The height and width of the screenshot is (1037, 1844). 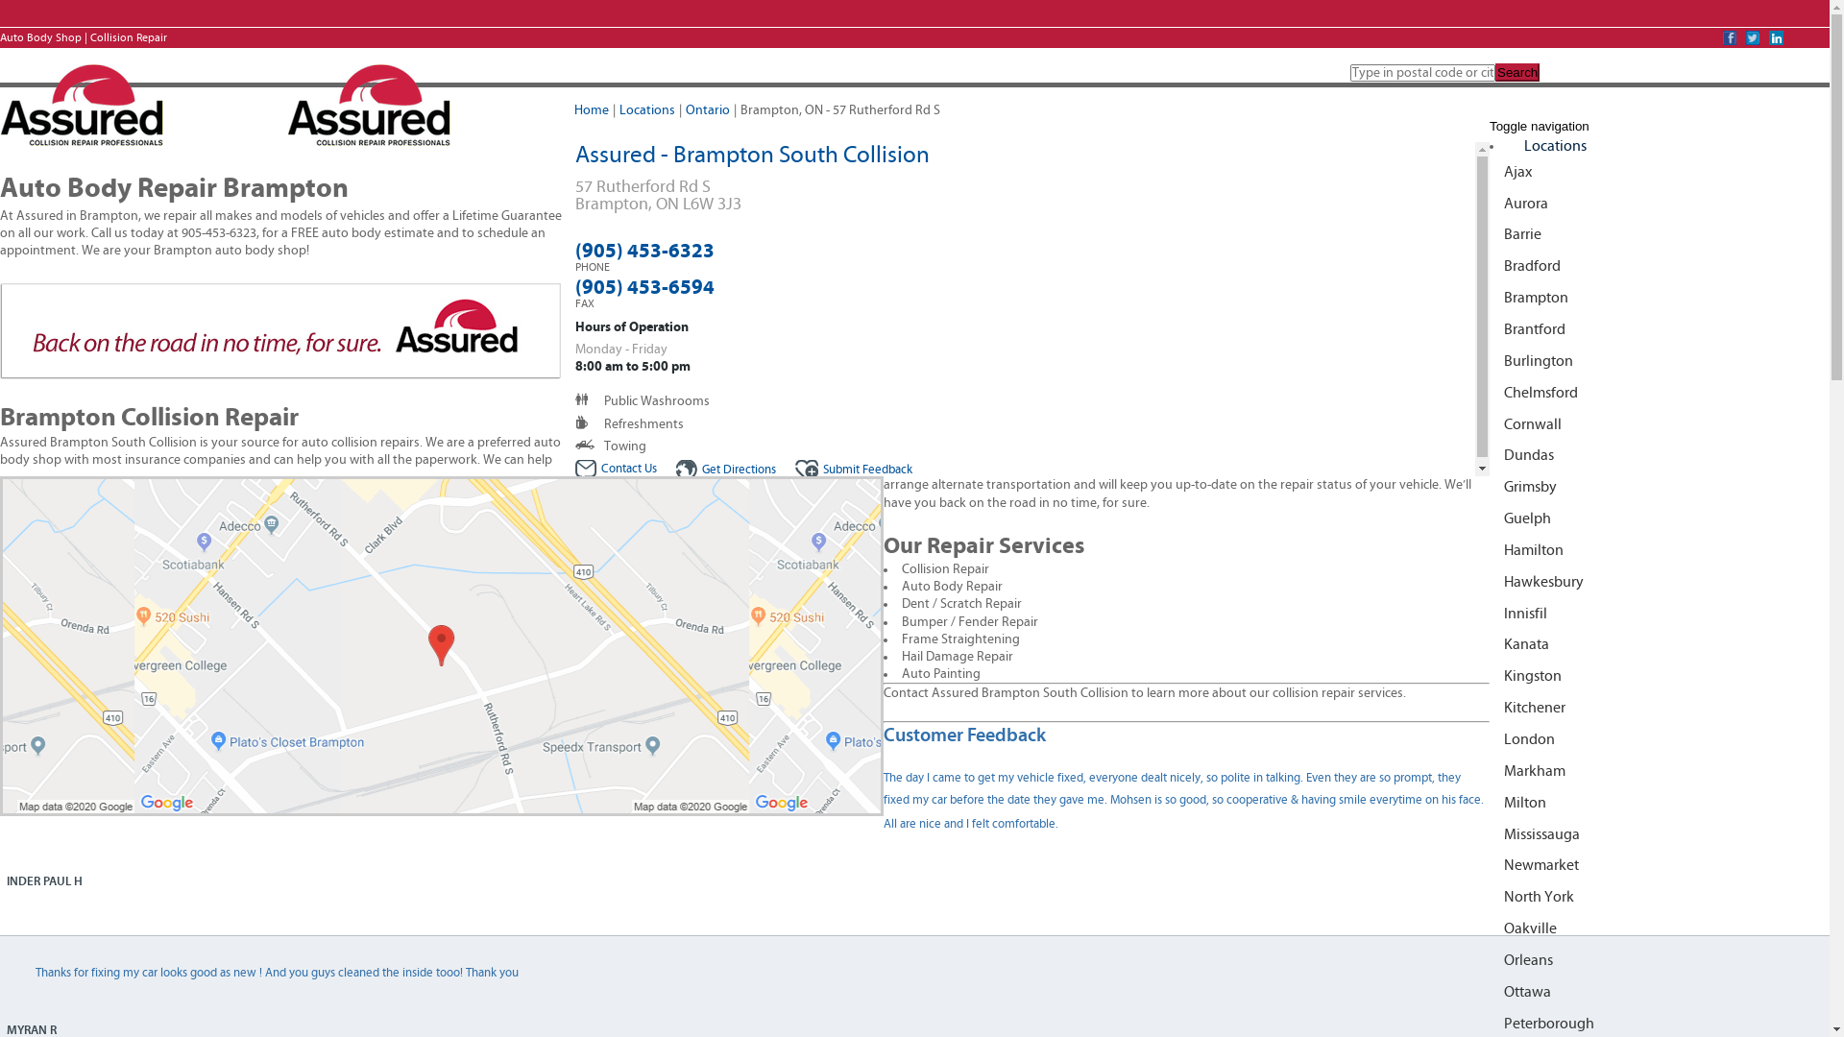 What do you see at coordinates (1516, 71) in the screenshot?
I see `'Search'` at bounding box center [1516, 71].